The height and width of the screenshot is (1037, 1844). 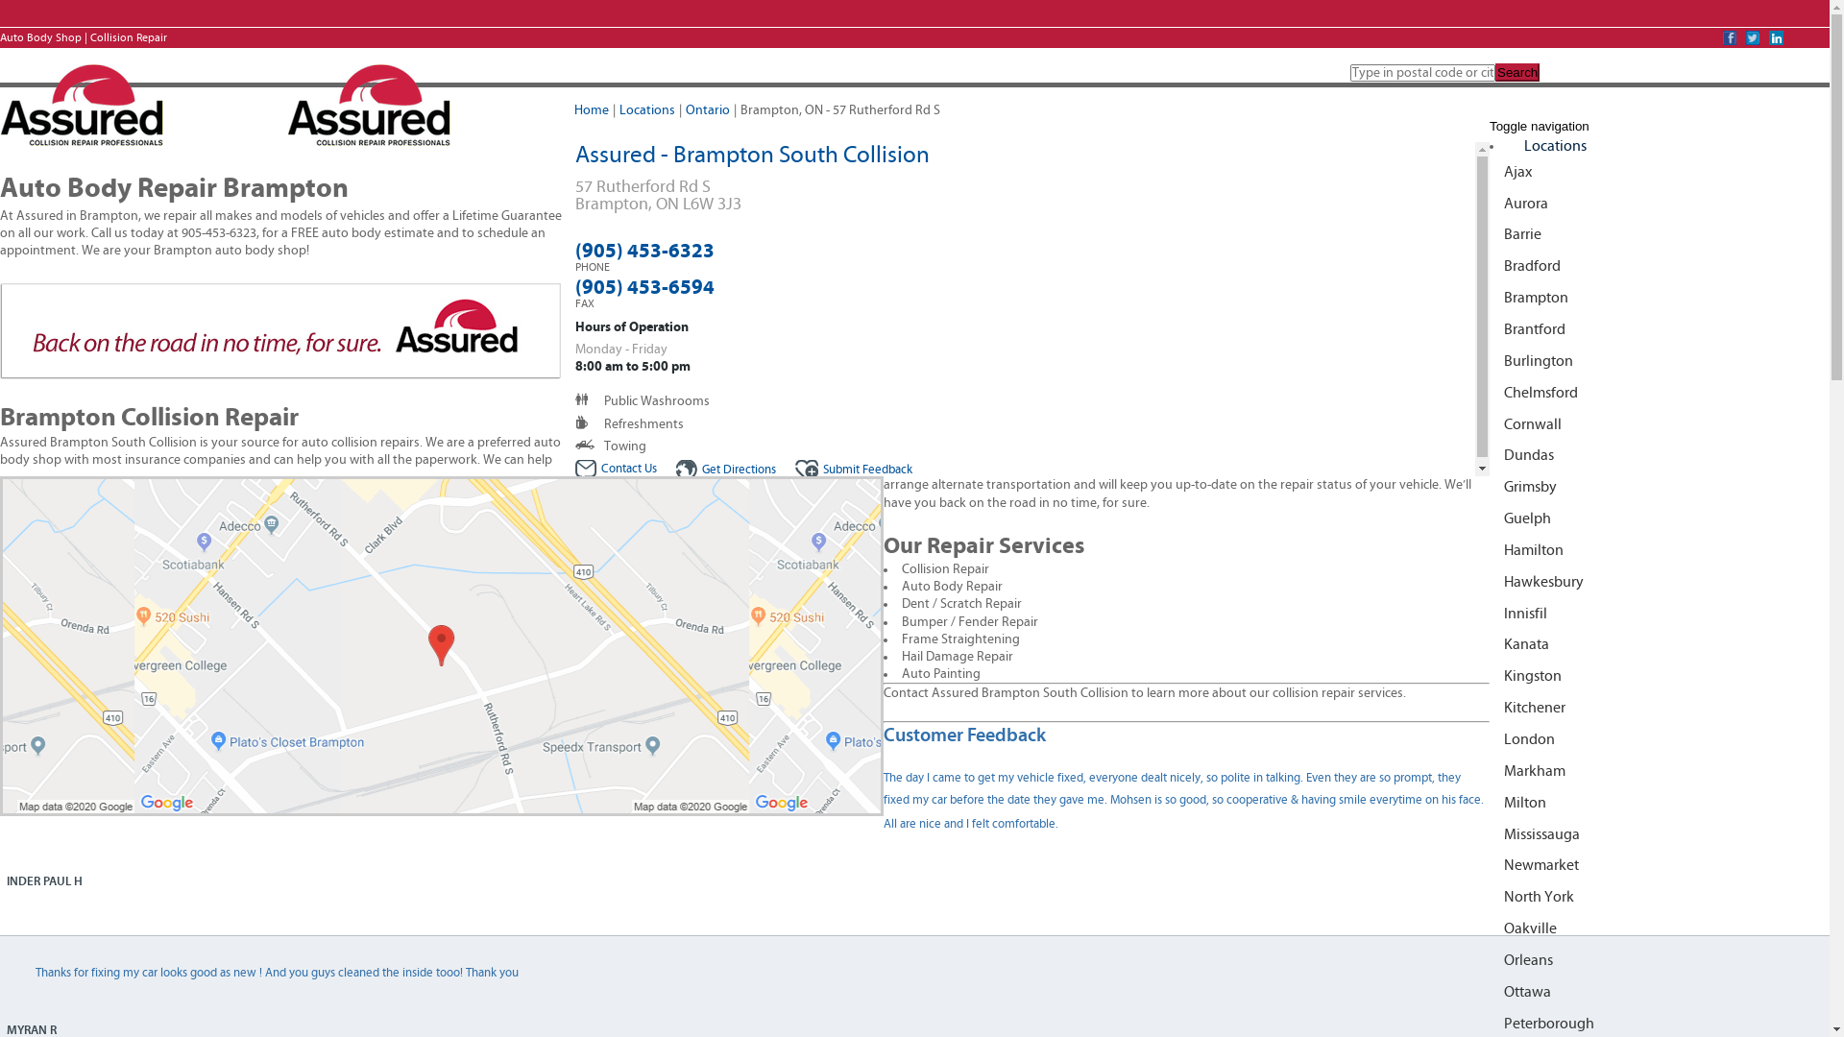 What do you see at coordinates (1516, 71) in the screenshot?
I see `'Search'` at bounding box center [1516, 71].